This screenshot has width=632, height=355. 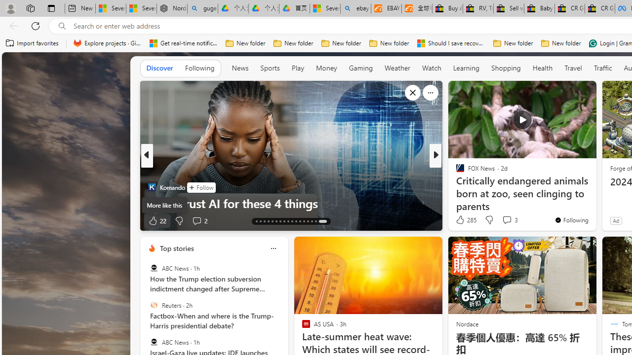 I want to click on 'AutomationID: tab-15', so click(x=264, y=220).